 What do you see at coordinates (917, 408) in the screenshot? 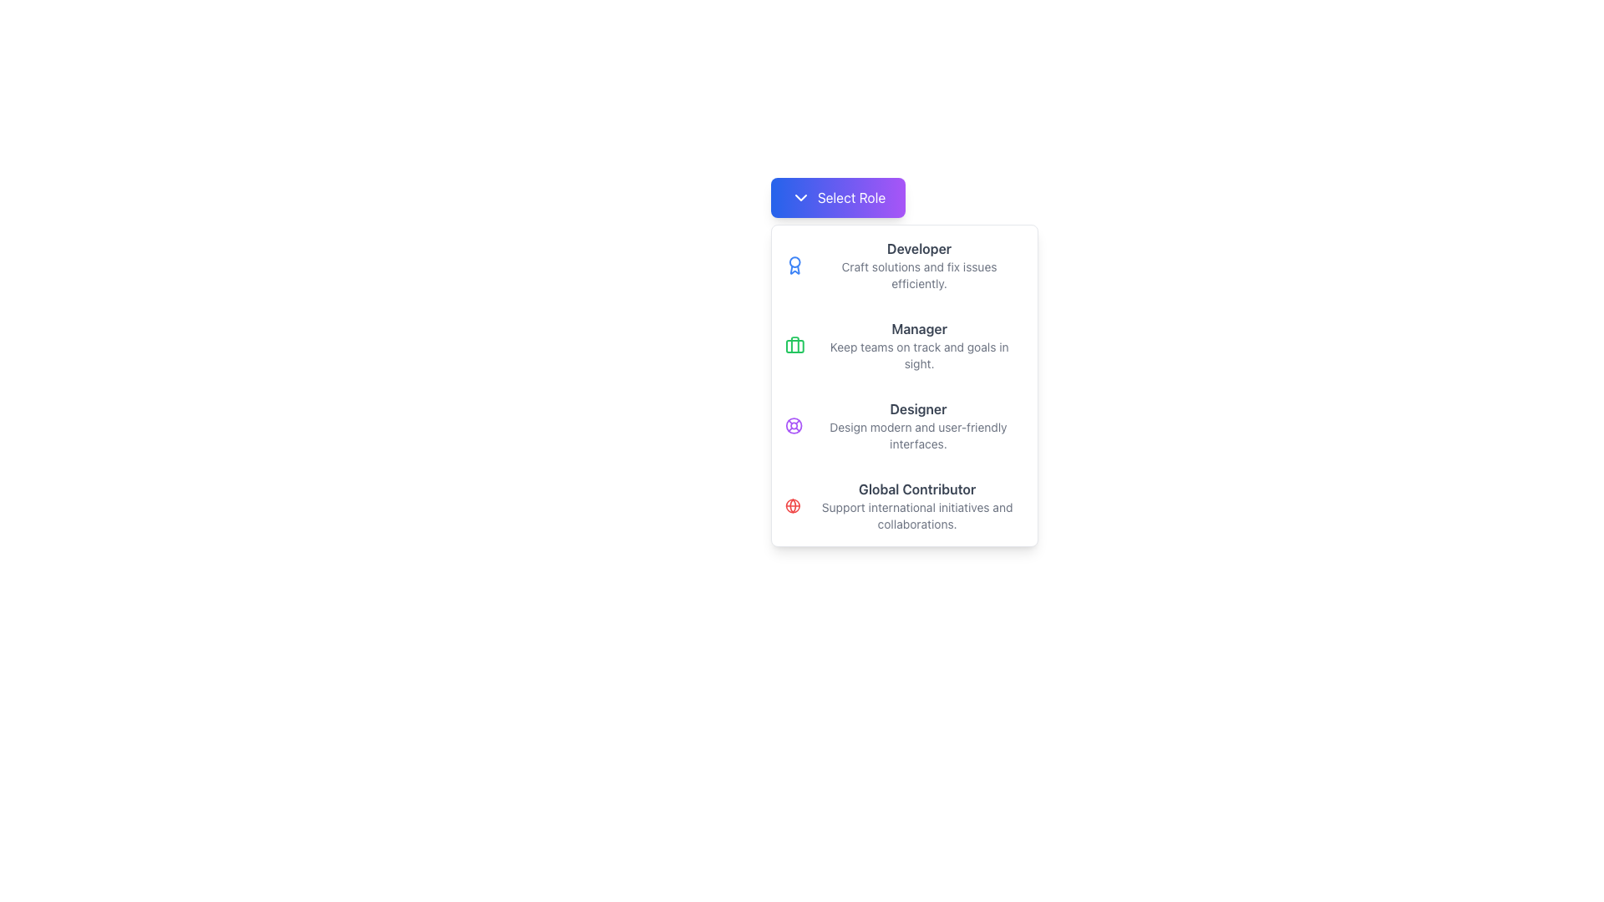
I see `the 'Designer' text label in the vertical menu` at bounding box center [917, 408].